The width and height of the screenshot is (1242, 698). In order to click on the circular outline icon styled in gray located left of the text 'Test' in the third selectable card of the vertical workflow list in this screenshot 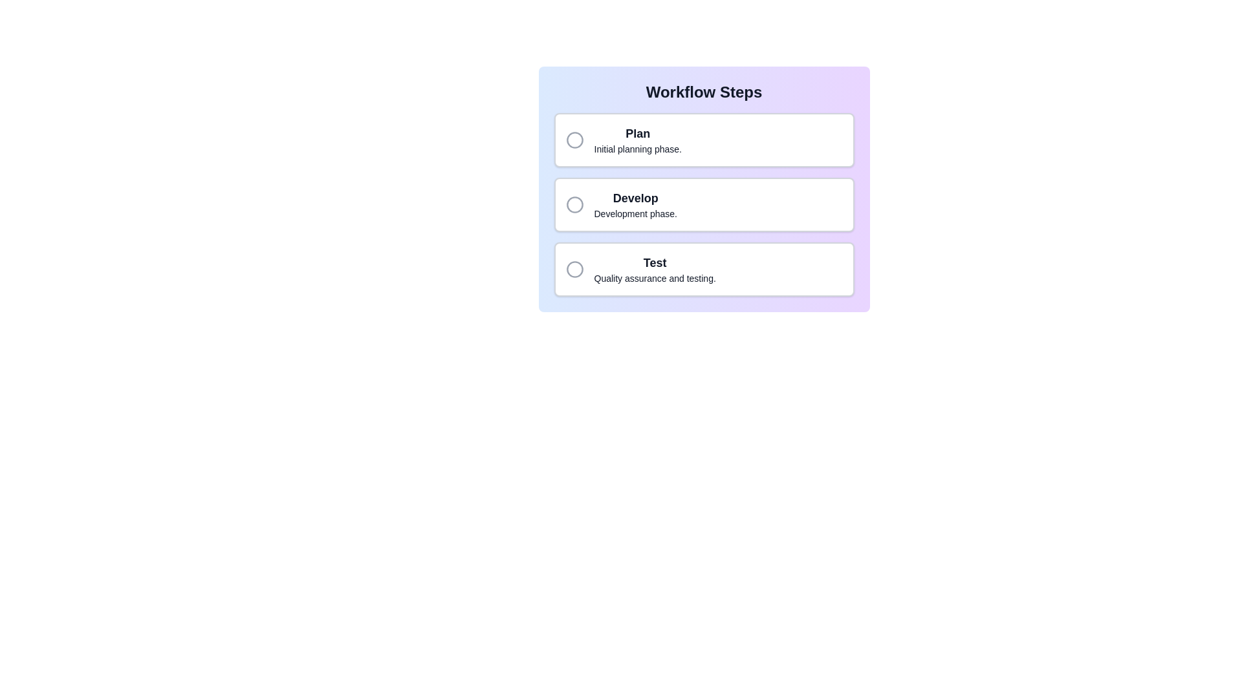, I will do `click(574, 268)`.